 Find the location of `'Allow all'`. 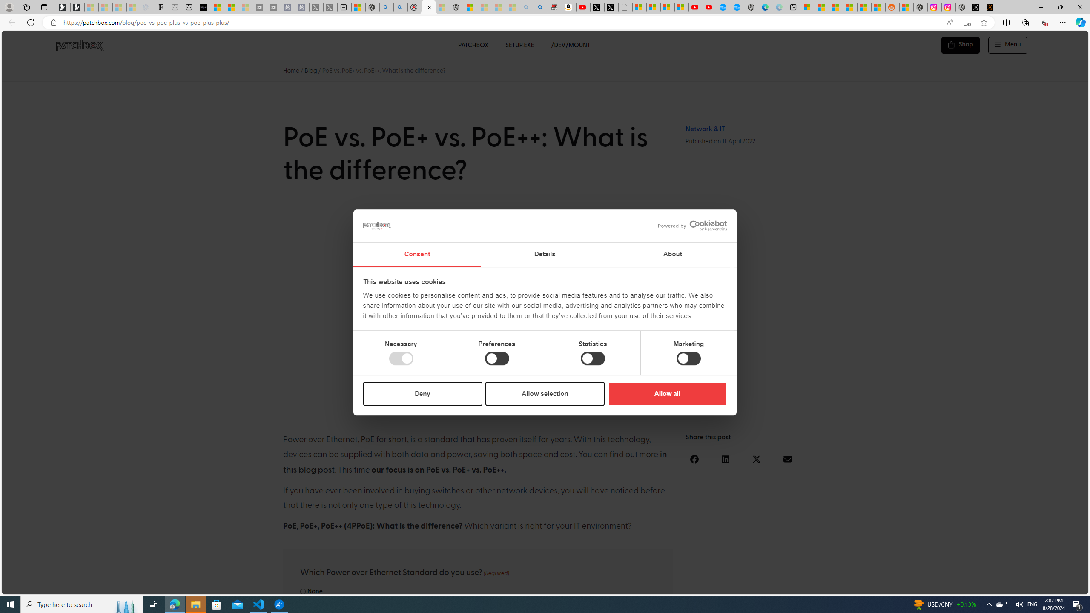

'Allow all' is located at coordinates (666, 393).